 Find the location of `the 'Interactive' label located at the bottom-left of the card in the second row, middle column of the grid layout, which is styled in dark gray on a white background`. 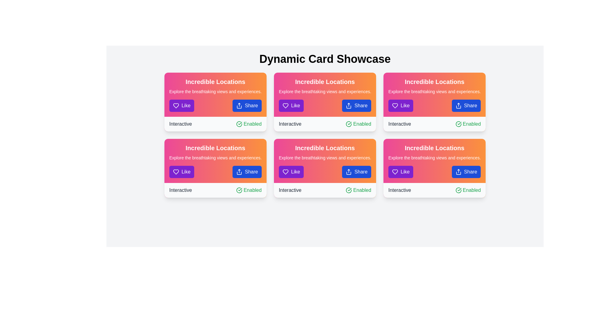

the 'Interactive' label located at the bottom-left of the card in the second row, middle column of the grid layout, which is styled in dark gray on a white background is located at coordinates (290, 190).